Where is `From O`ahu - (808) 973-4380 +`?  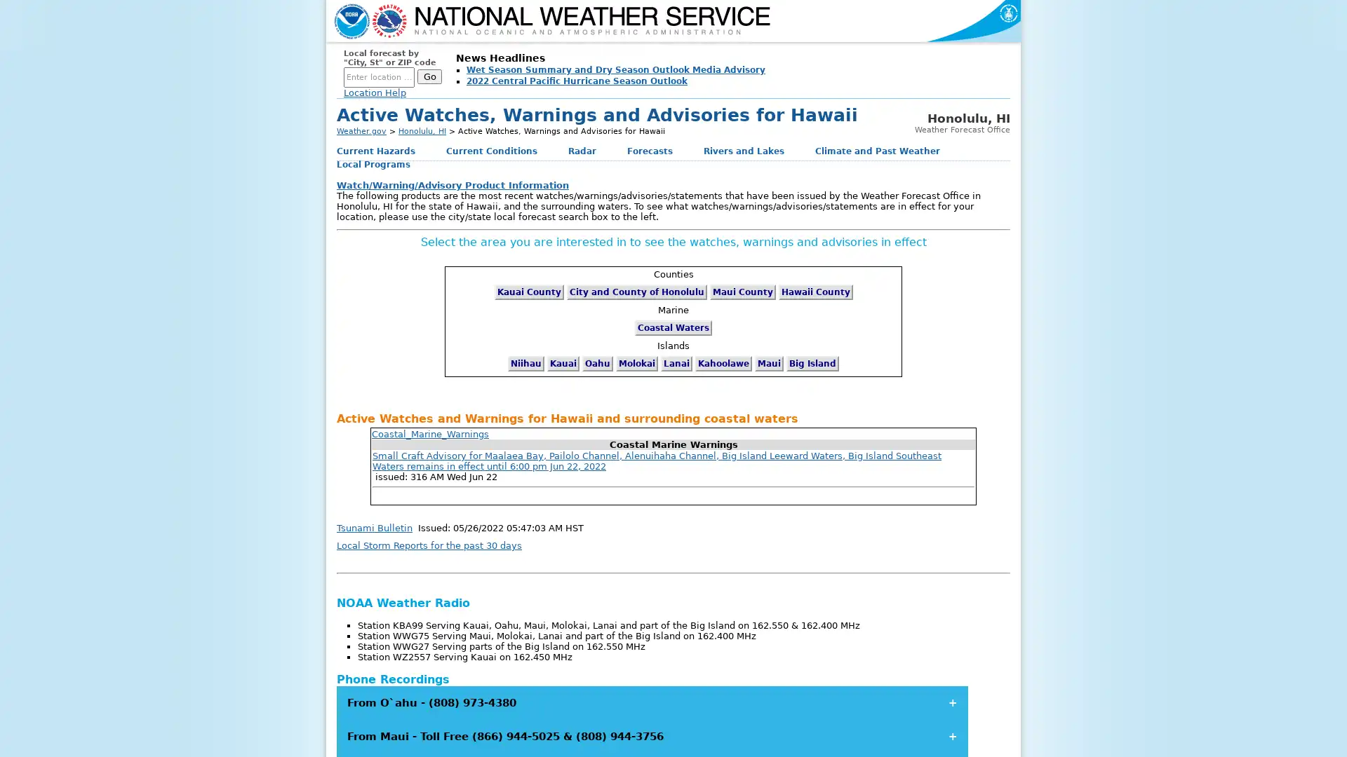
From O`ahu - (808) 973-4380 + is located at coordinates (652, 702).